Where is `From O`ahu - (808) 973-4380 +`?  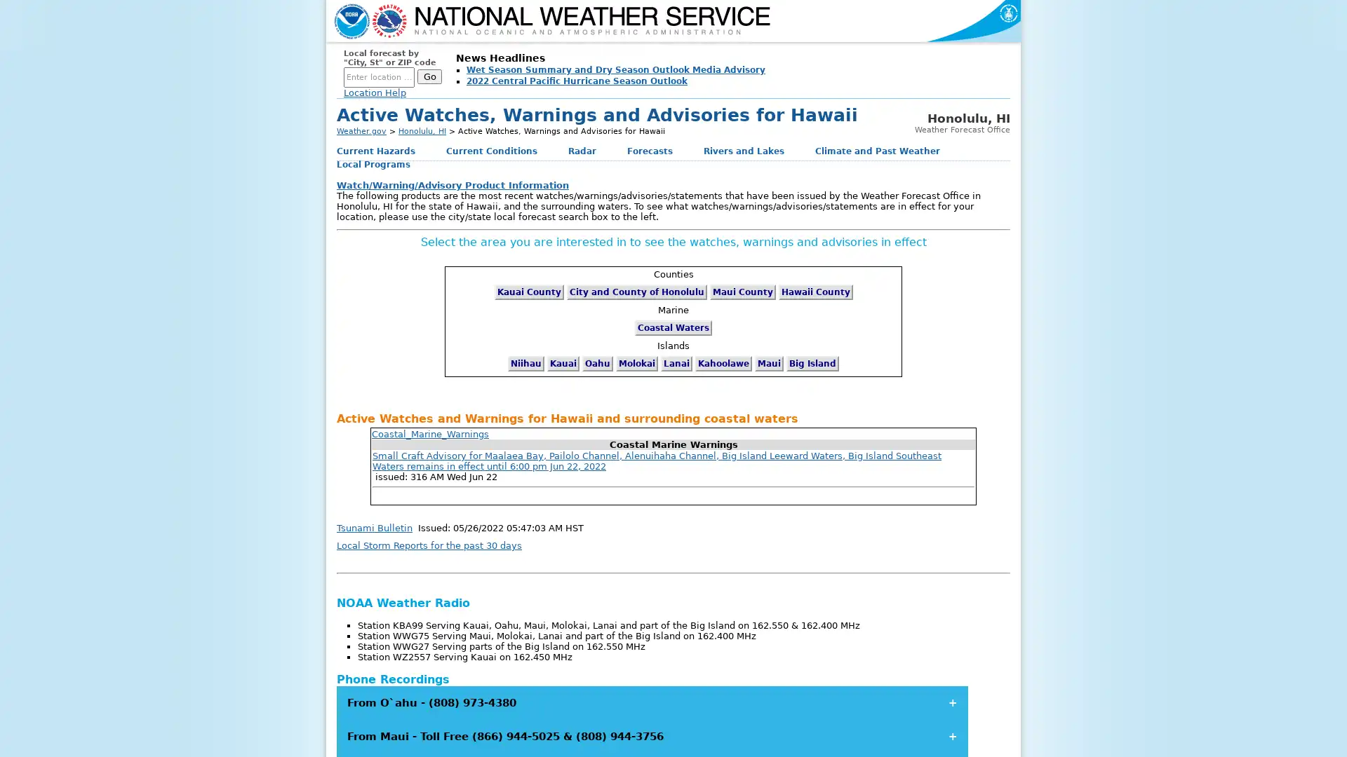
From O`ahu - (808) 973-4380 + is located at coordinates (652, 702).